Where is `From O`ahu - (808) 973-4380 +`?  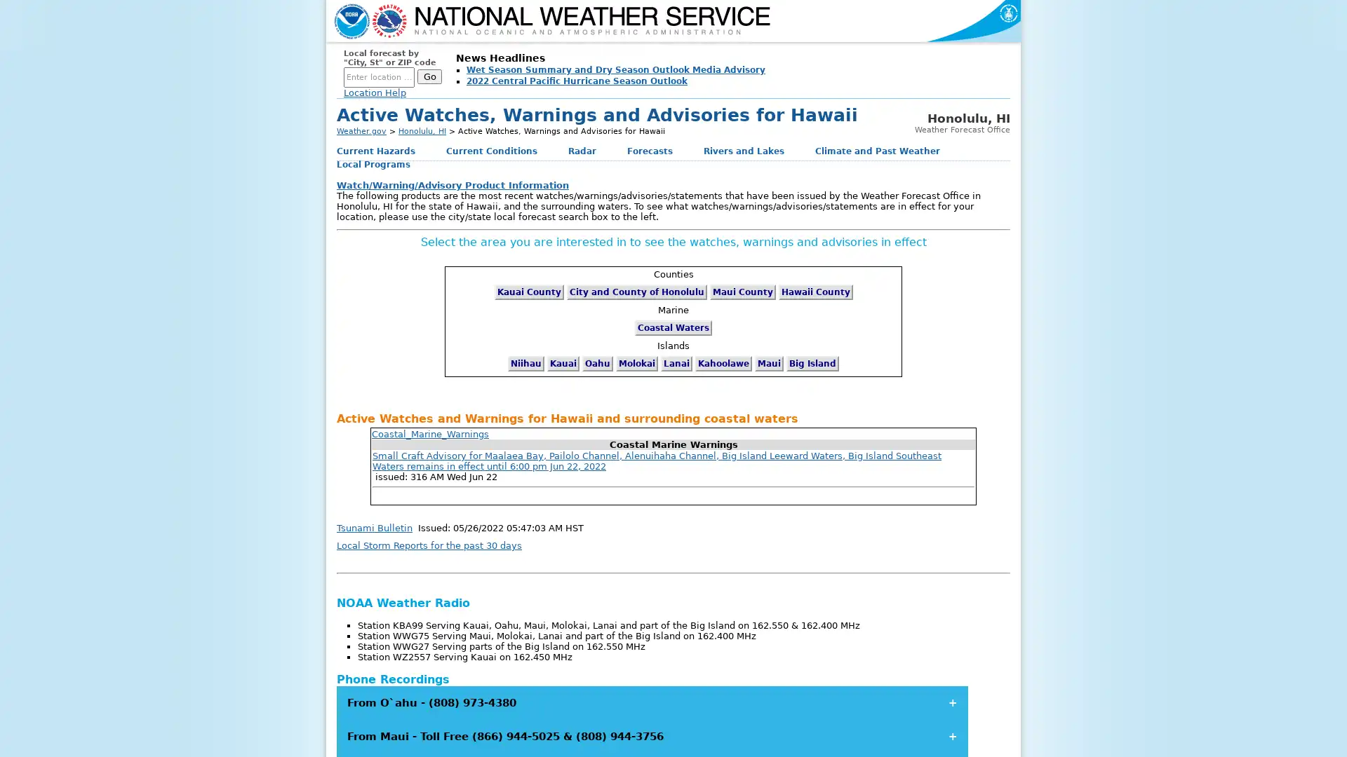
From O`ahu - (808) 973-4380 + is located at coordinates (652, 702).